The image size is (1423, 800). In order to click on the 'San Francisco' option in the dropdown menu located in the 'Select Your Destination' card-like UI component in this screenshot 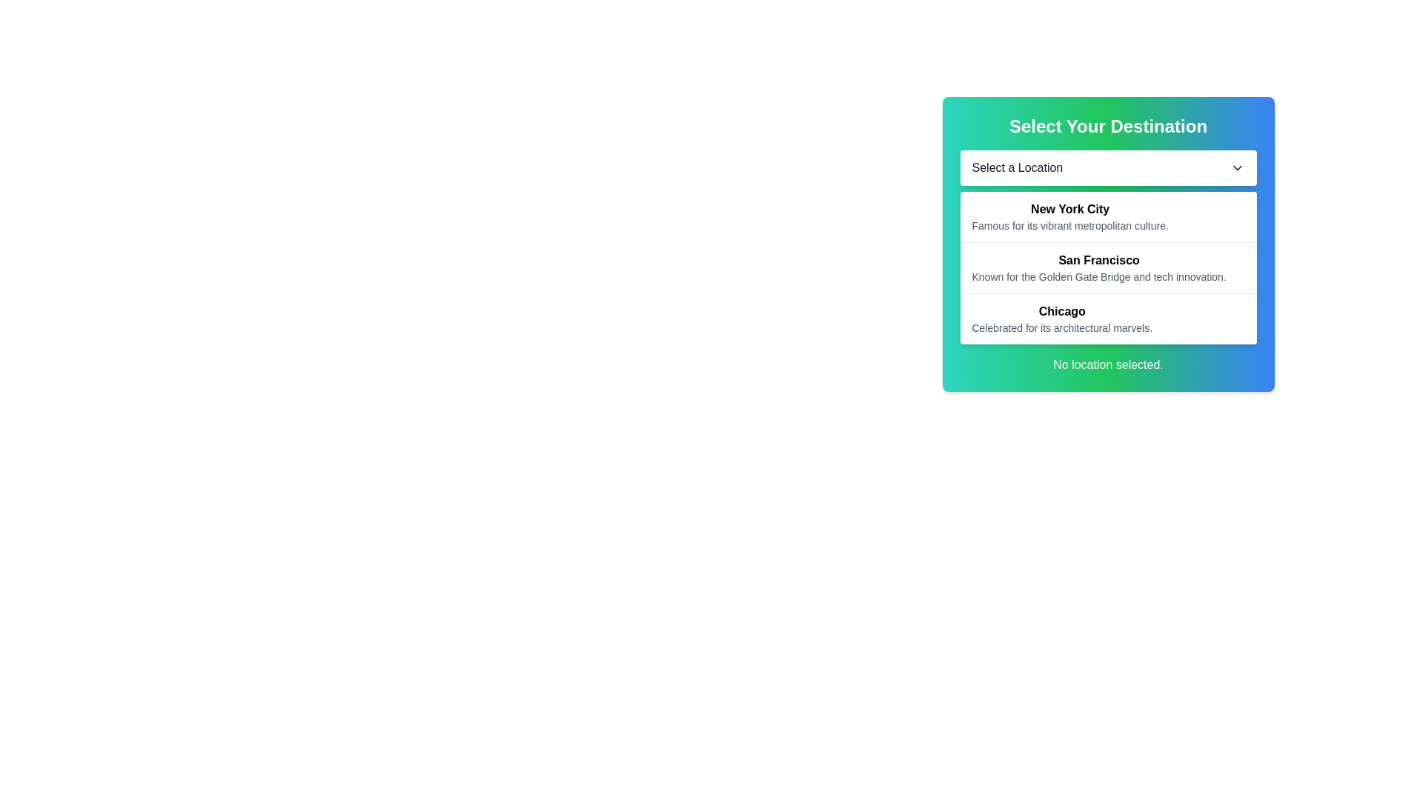, I will do `click(1108, 247)`.